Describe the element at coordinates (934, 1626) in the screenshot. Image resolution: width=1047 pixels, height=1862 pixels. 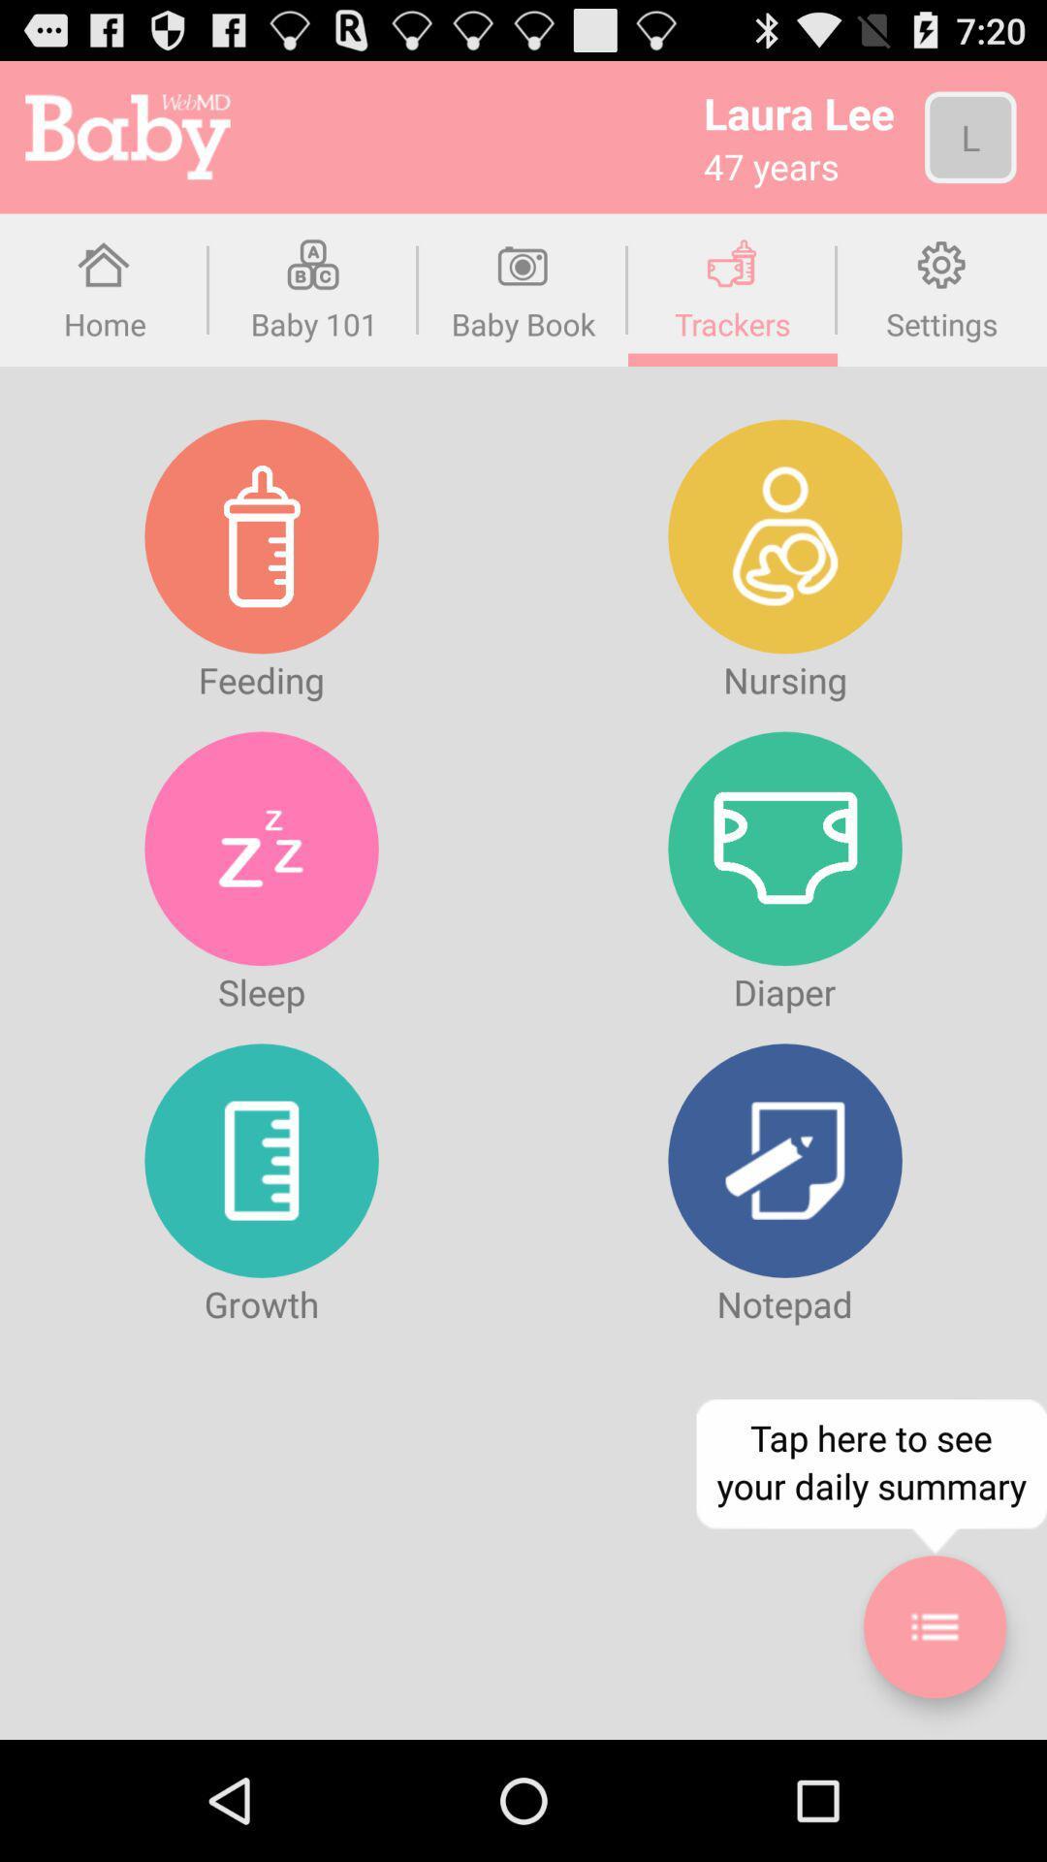
I see `daily summary` at that location.